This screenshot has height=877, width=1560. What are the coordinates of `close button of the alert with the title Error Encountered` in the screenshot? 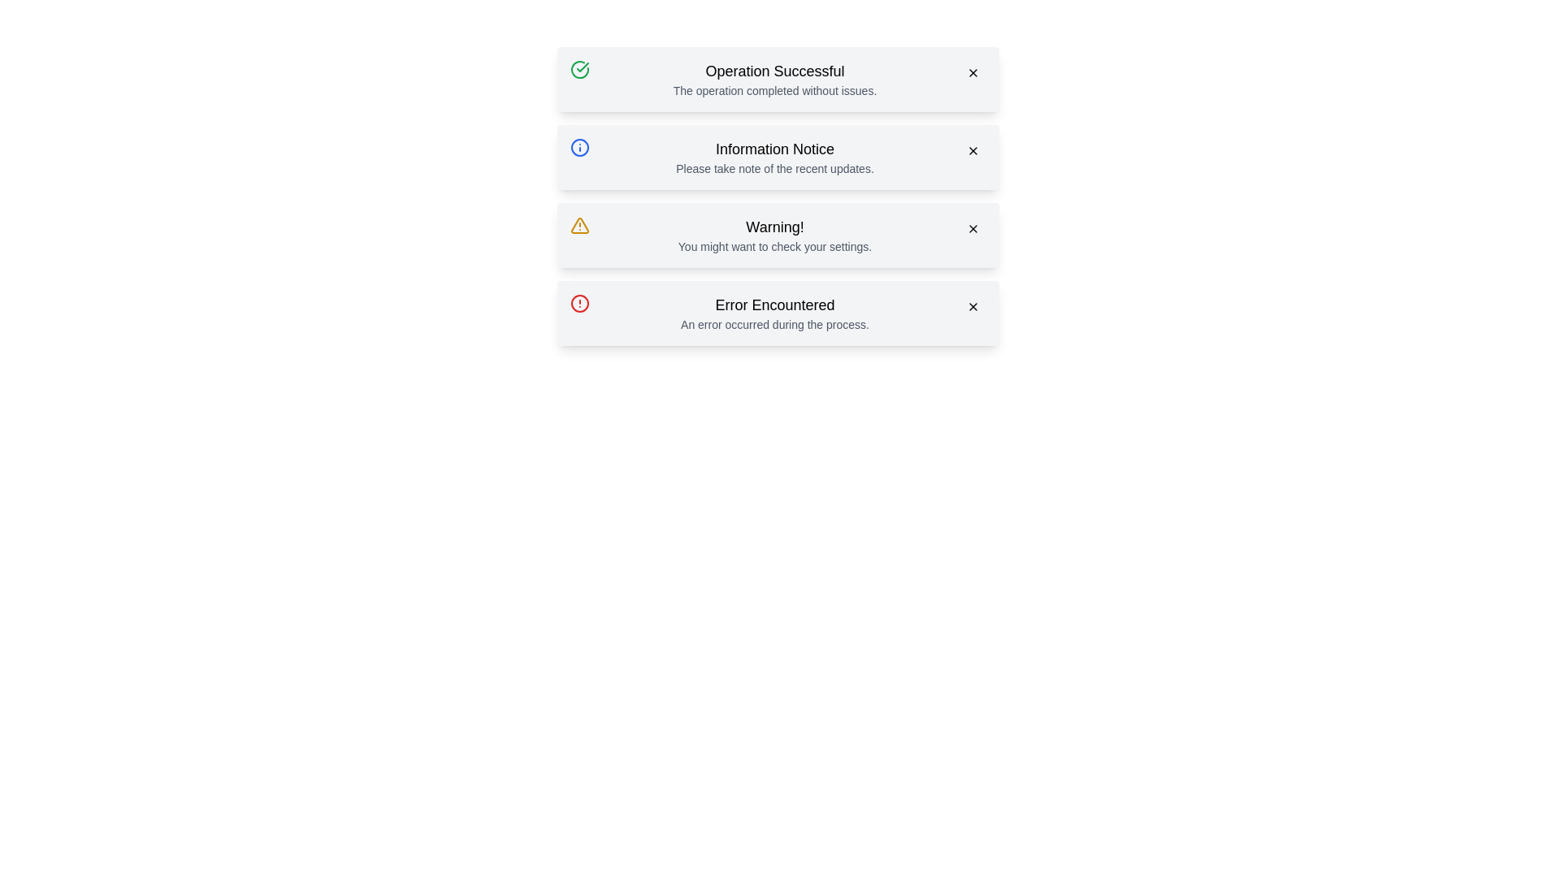 It's located at (973, 307).